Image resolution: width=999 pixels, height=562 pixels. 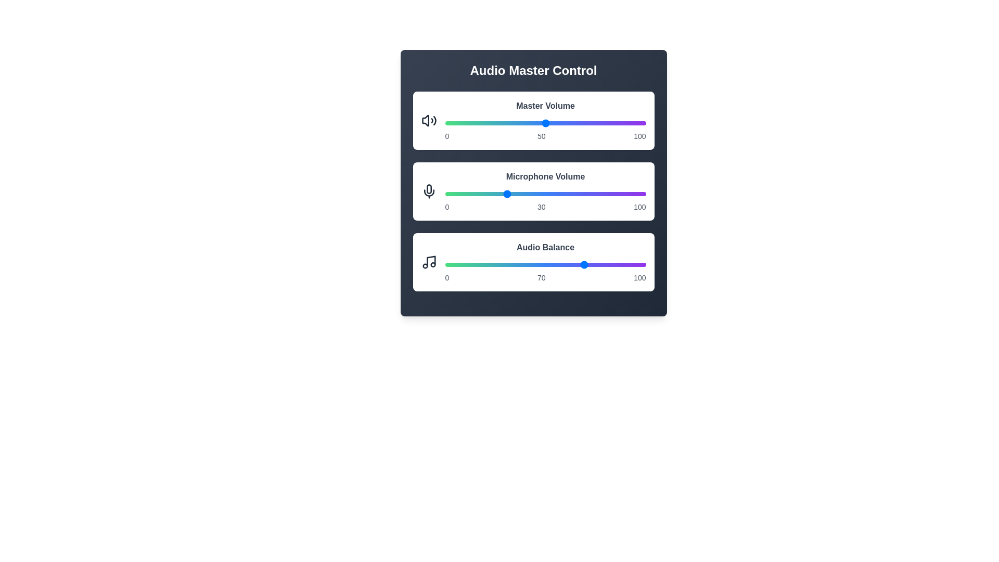 I want to click on the Master Volume slider to 22%, so click(x=489, y=122).